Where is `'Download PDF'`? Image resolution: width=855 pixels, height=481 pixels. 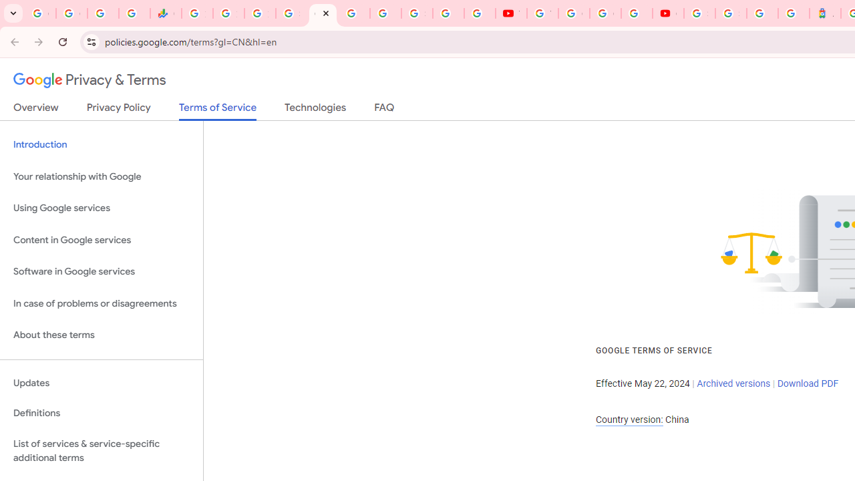 'Download PDF' is located at coordinates (807, 383).